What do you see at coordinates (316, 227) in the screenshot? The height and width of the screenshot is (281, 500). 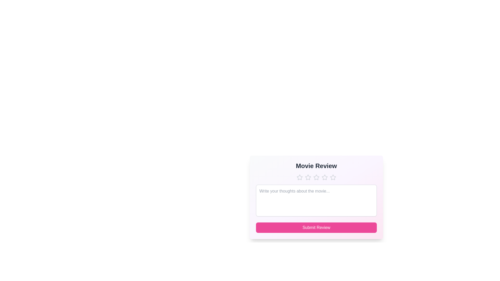 I see `the 'Submit Review' button to submit the review` at bounding box center [316, 227].